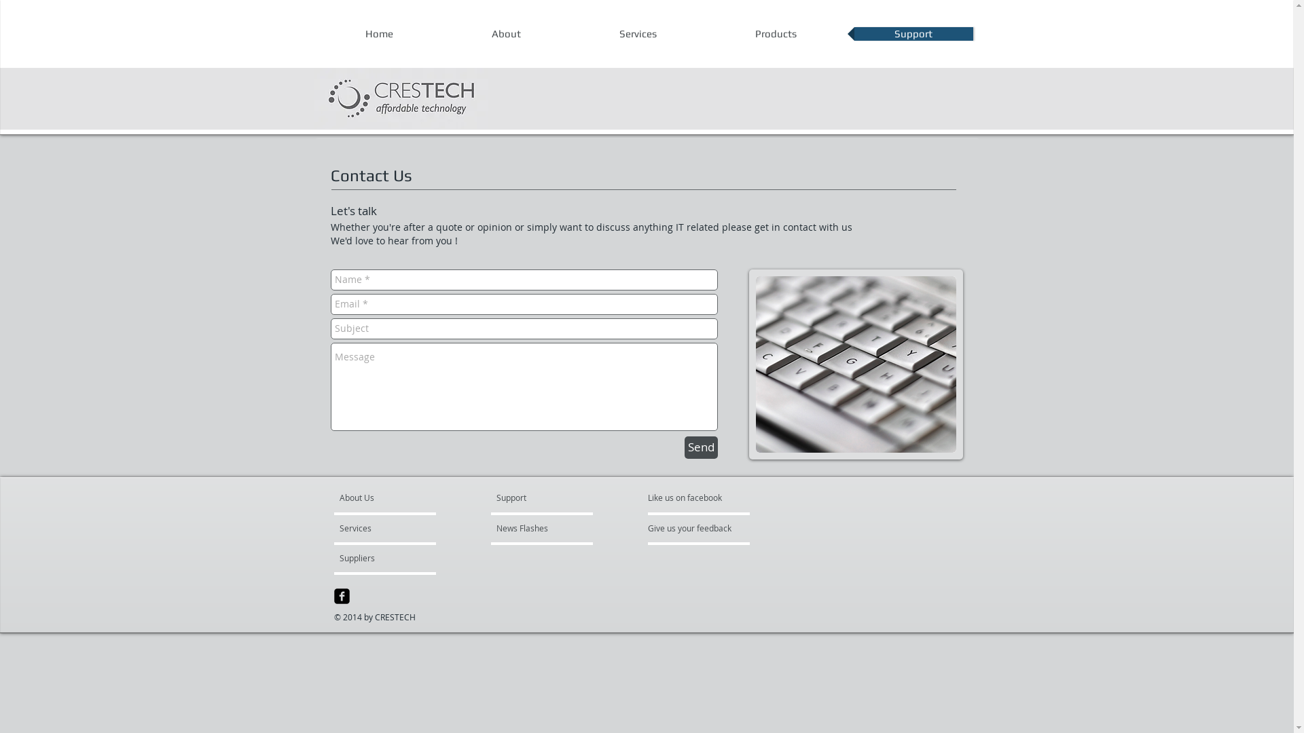 Image resolution: width=1304 pixels, height=733 pixels. What do you see at coordinates (776, 33) in the screenshot?
I see `'Products'` at bounding box center [776, 33].